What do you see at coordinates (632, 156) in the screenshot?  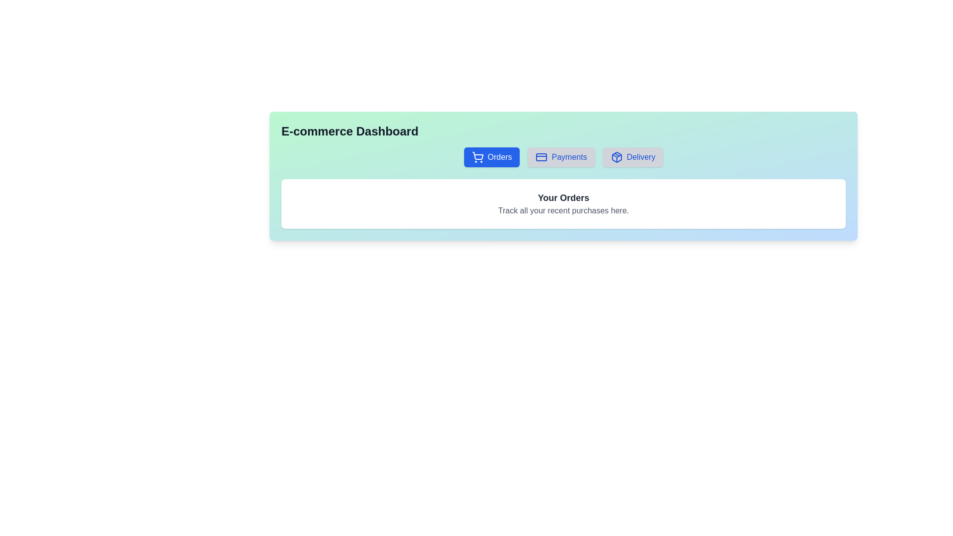 I see `the delivery button, the third button in a horizontal row` at bounding box center [632, 156].